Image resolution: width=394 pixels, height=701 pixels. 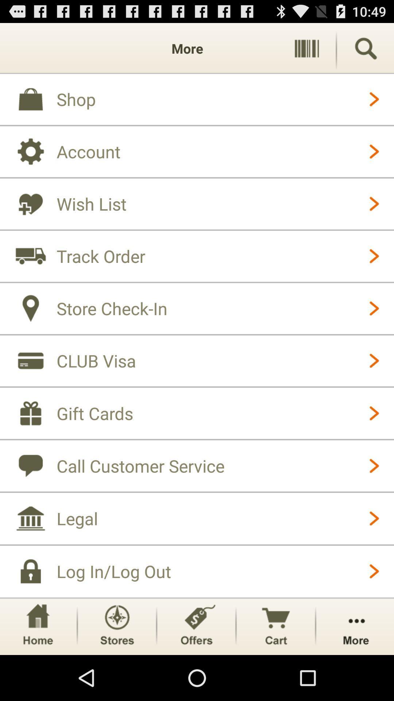 What do you see at coordinates (196, 670) in the screenshot?
I see `the label icon` at bounding box center [196, 670].